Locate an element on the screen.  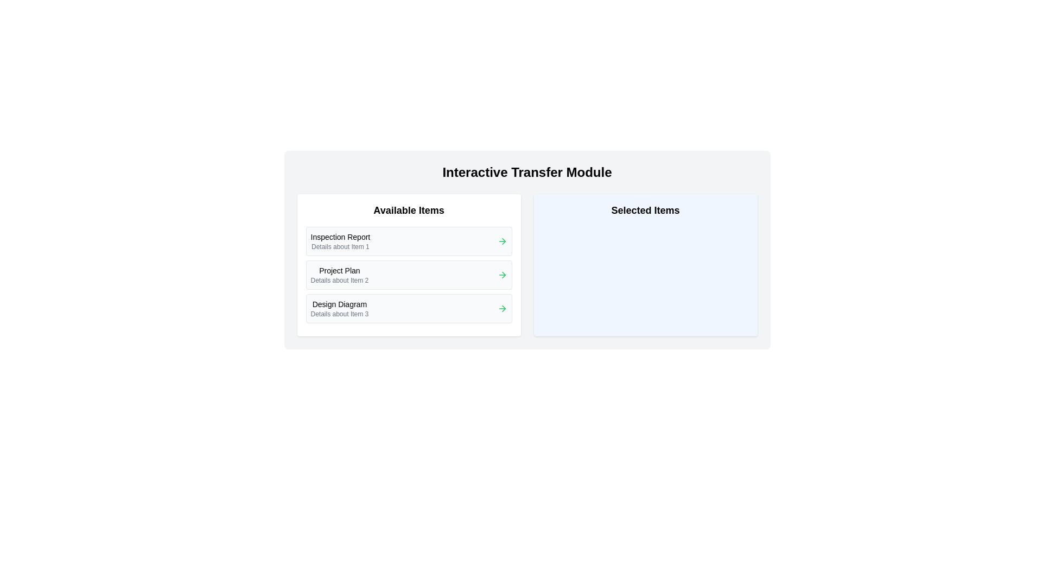
the text element labeled 'Design Diagram' which is the third item in the 'Available Items' section is located at coordinates (339, 309).